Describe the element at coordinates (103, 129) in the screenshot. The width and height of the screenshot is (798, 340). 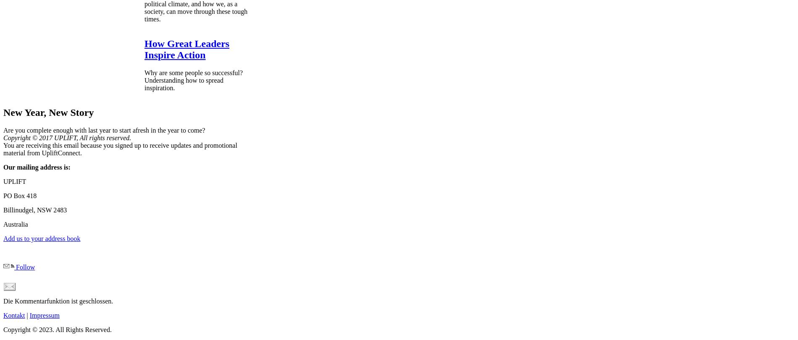
I see `'Are you complete enough with last year to start afresh in the year to come?'` at that location.